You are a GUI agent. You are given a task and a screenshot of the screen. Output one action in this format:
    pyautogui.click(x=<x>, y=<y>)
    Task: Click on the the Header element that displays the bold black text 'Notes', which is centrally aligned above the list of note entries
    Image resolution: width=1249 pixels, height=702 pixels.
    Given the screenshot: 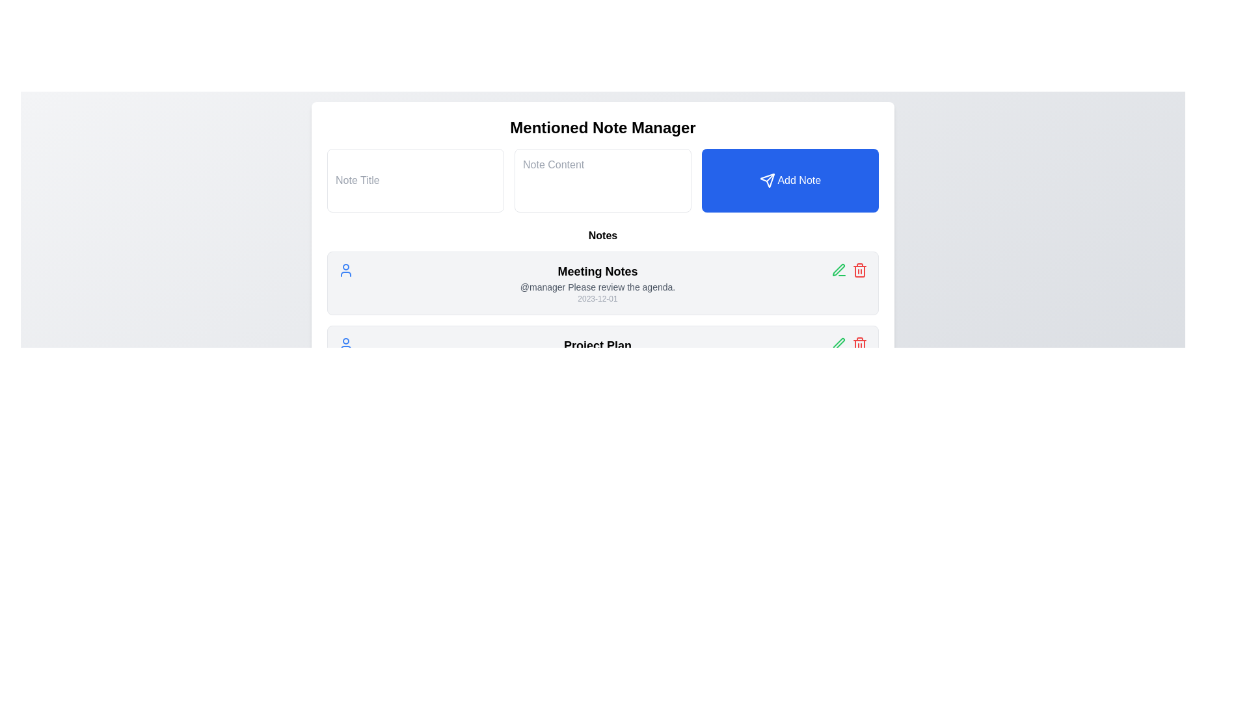 What is the action you would take?
    pyautogui.click(x=602, y=235)
    